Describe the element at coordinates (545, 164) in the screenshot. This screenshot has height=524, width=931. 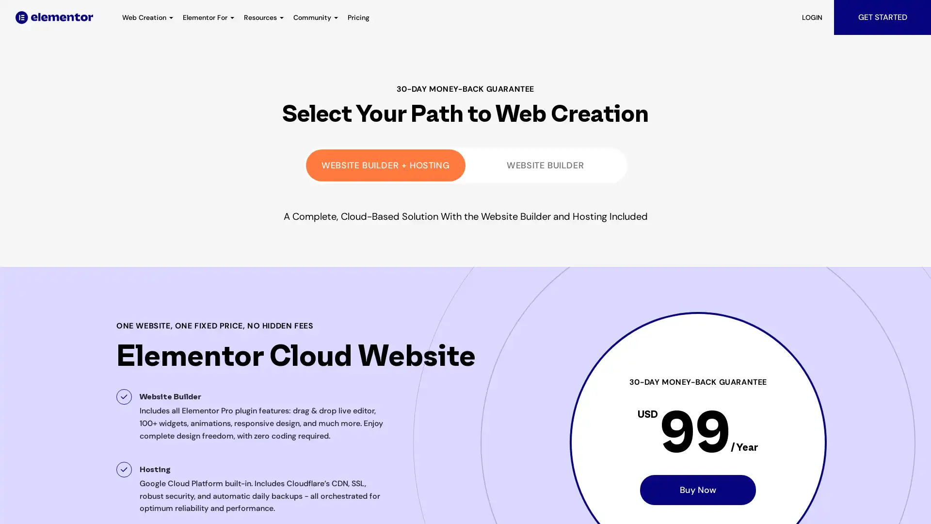
I see `Get the Elementor plugin` at that location.